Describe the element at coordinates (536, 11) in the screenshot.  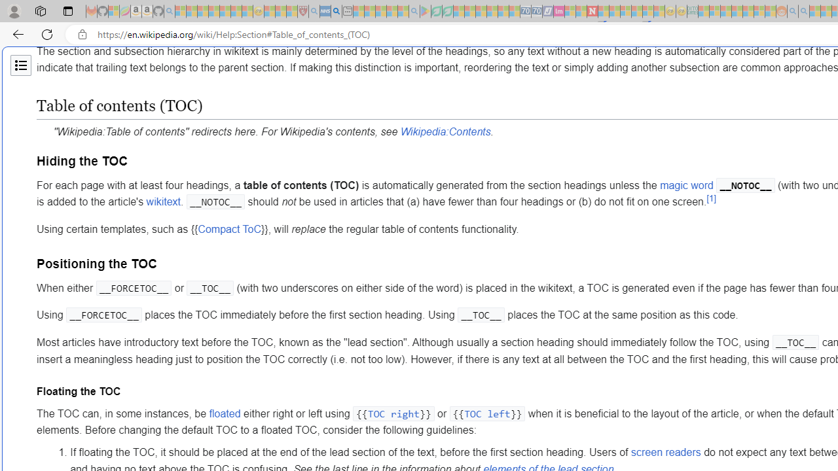
I see `'Cheap Hotels - Save70.com - Sleeping'` at that location.